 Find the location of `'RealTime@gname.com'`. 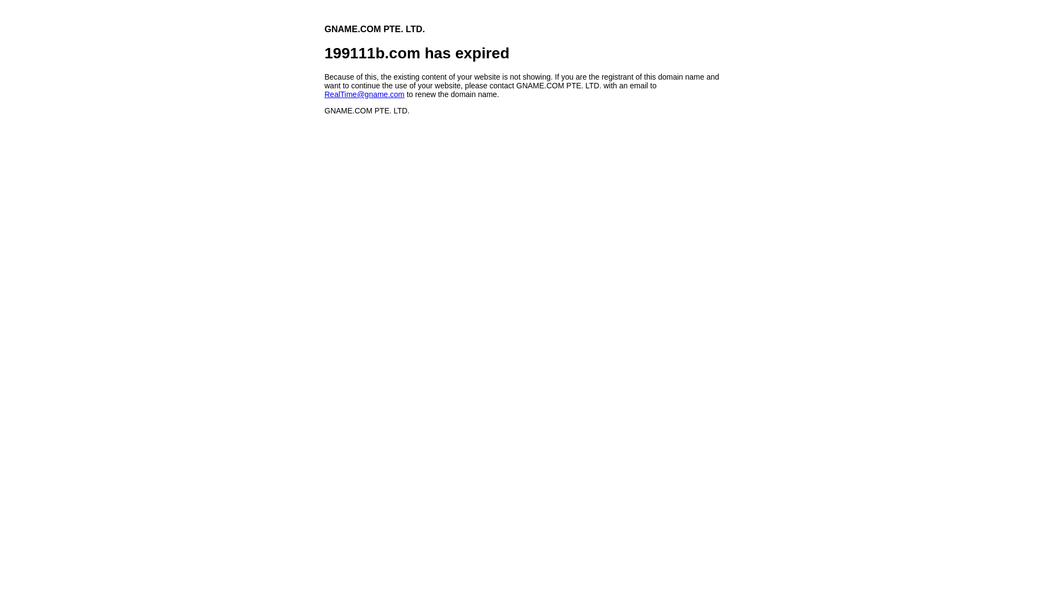

'RealTime@gname.com' is located at coordinates (324, 94).